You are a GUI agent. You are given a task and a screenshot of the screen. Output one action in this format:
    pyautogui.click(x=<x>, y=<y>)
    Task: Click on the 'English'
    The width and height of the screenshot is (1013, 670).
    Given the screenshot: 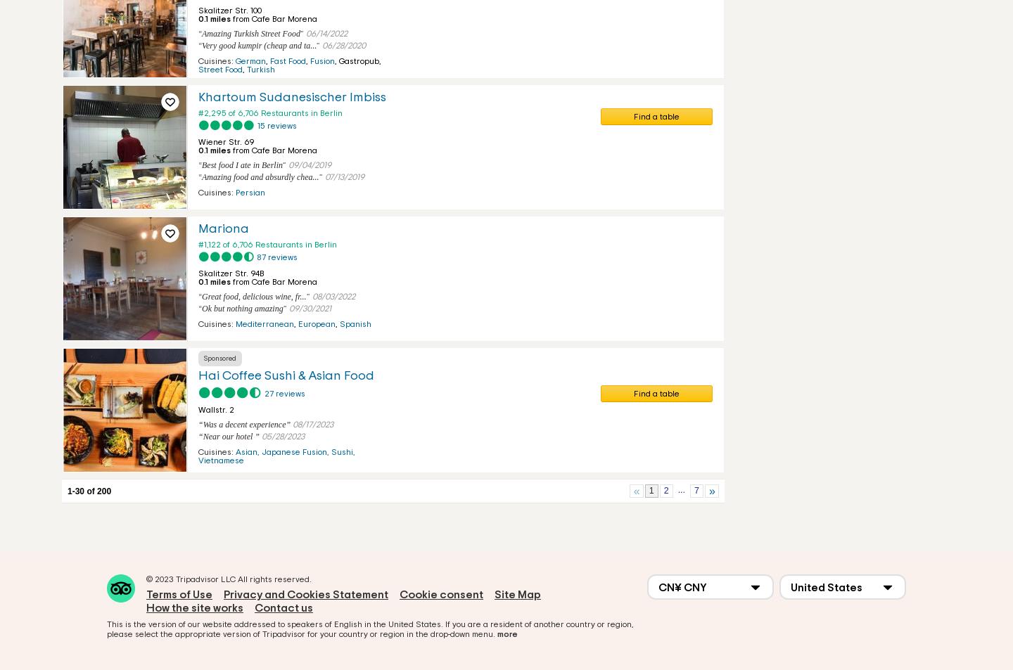 What is the action you would take?
    pyautogui.click(x=334, y=624)
    